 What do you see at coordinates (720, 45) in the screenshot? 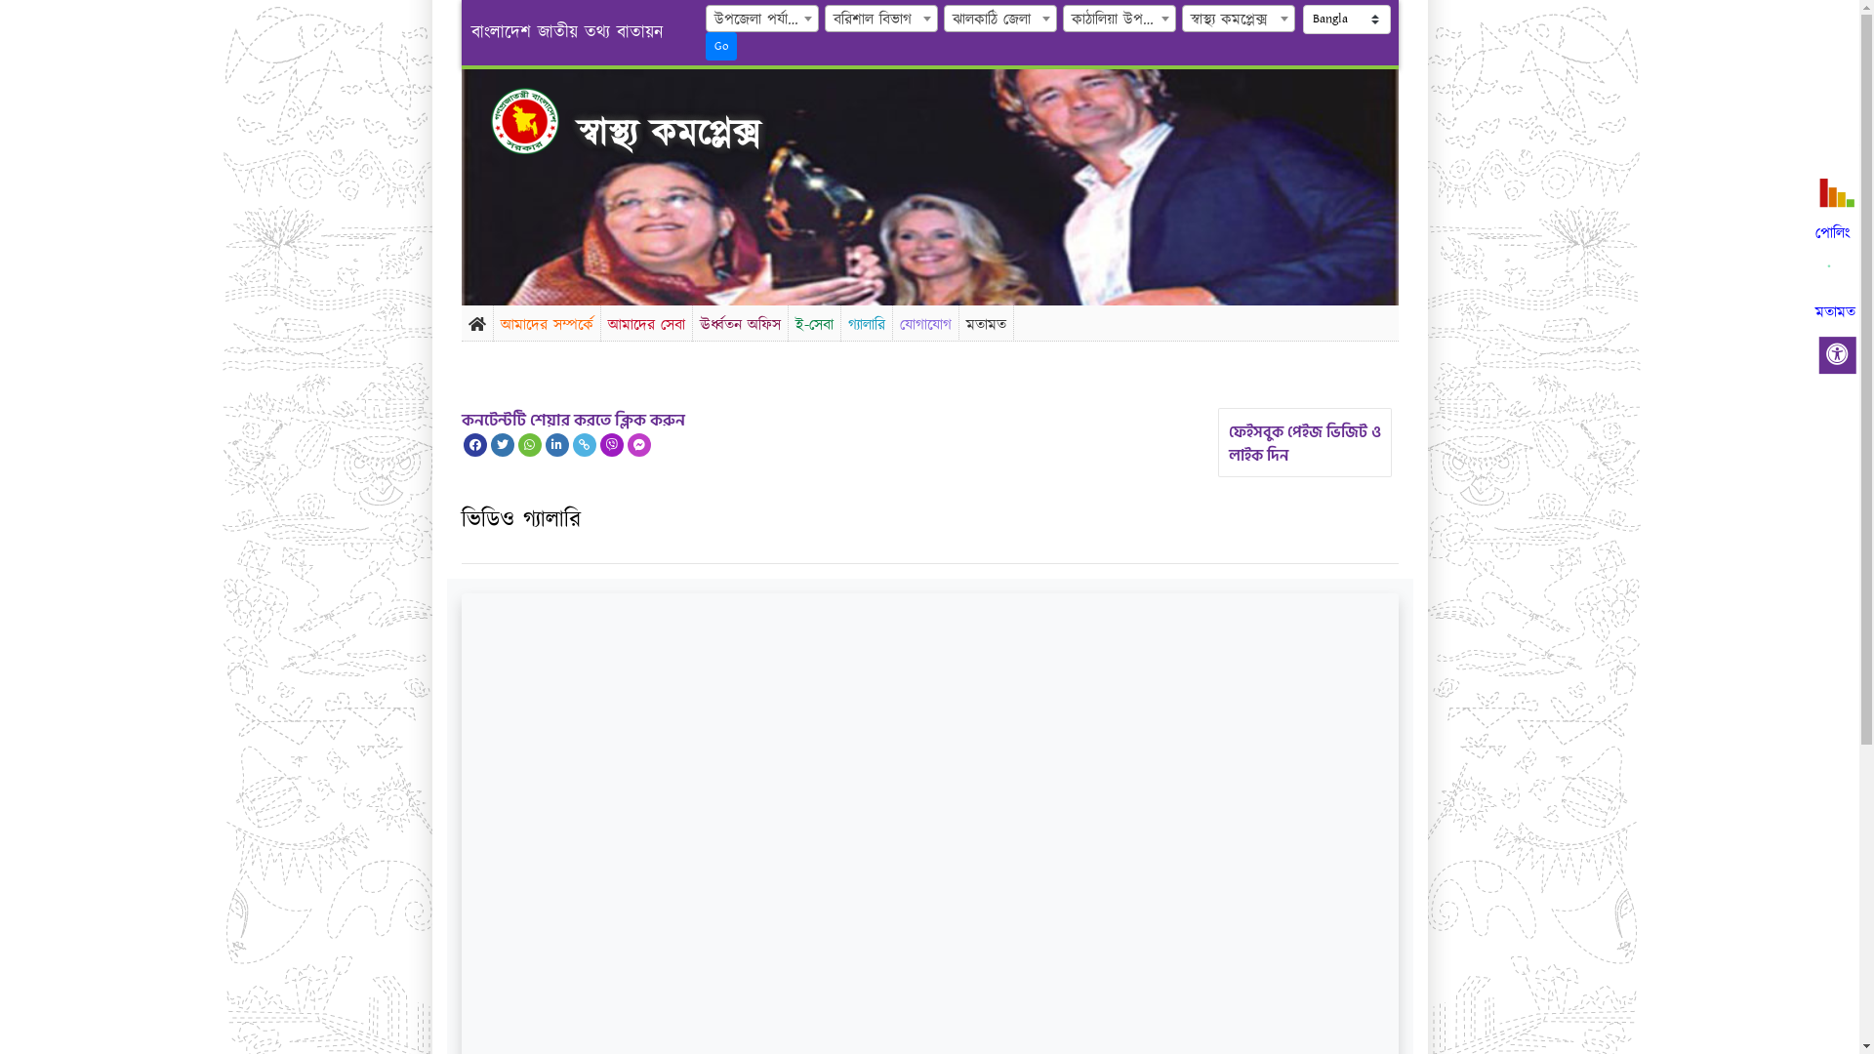
I see `'Go'` at bounding box center [720, 45].